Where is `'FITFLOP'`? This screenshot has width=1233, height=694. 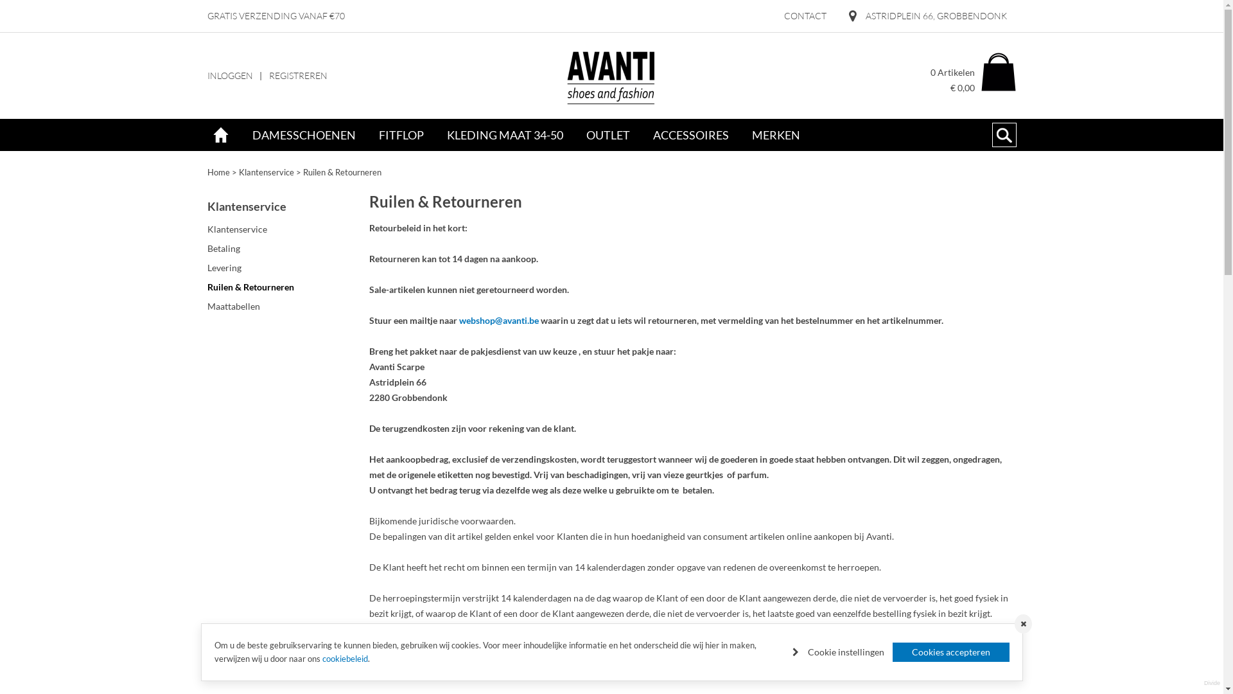
'FITFLOP' is located at coordinates (400, 135).